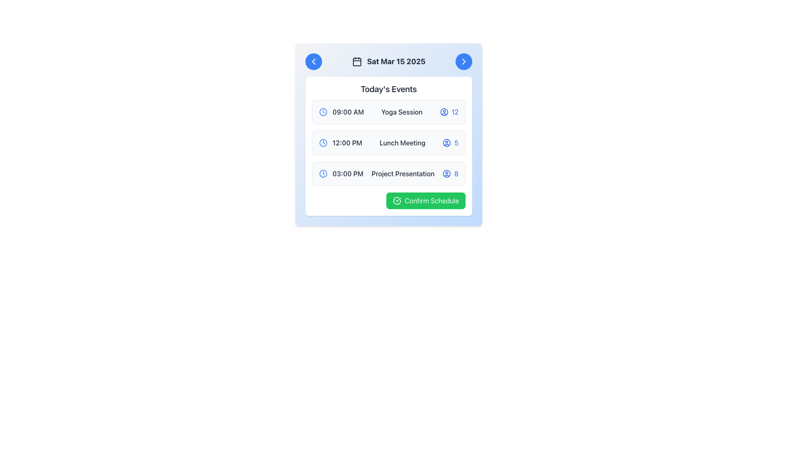 The width and height of the screenshot is (801, 450). I want to click on the left-facing chevron icon within the blue circular button for accessibility navigation using the keyboard, so click(313, 61).